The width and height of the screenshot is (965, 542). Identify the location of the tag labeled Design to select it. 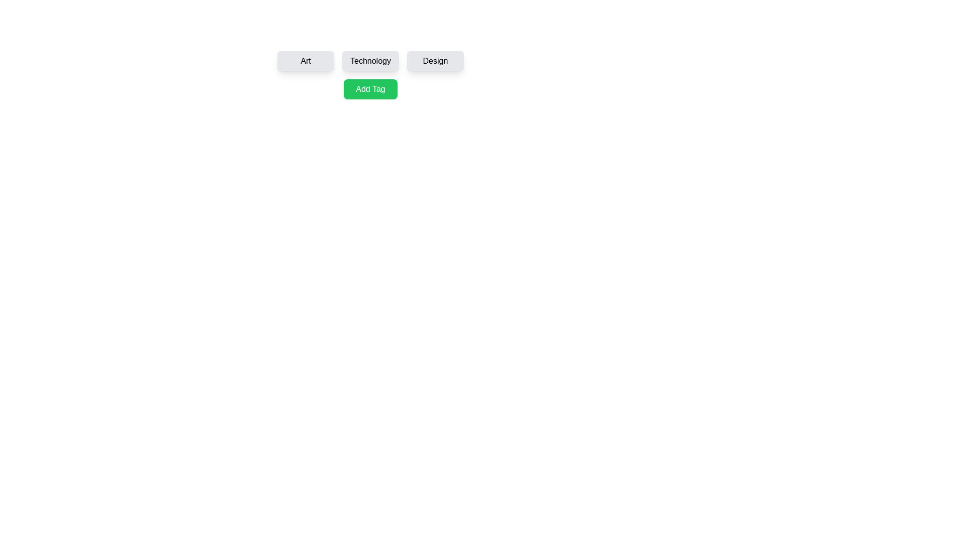
(435, 61).